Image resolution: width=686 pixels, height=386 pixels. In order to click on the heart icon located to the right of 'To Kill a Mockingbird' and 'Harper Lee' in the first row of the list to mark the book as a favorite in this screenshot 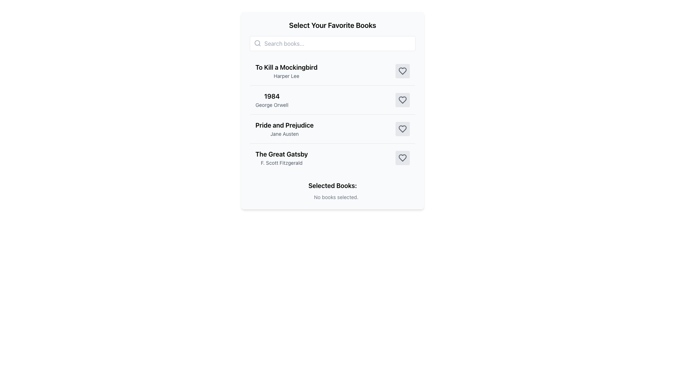, I will do `click(403, 71)`.